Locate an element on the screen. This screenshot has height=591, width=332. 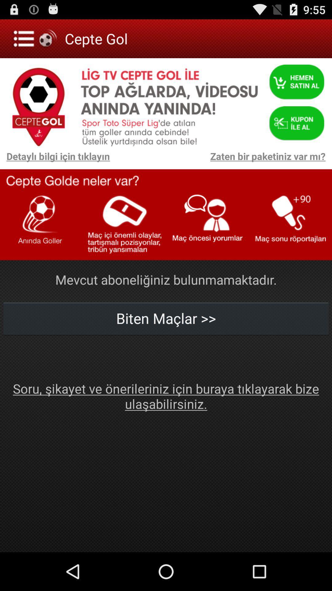
app next to zaten bir paketiniz icon is located at coordinates (54, 159).